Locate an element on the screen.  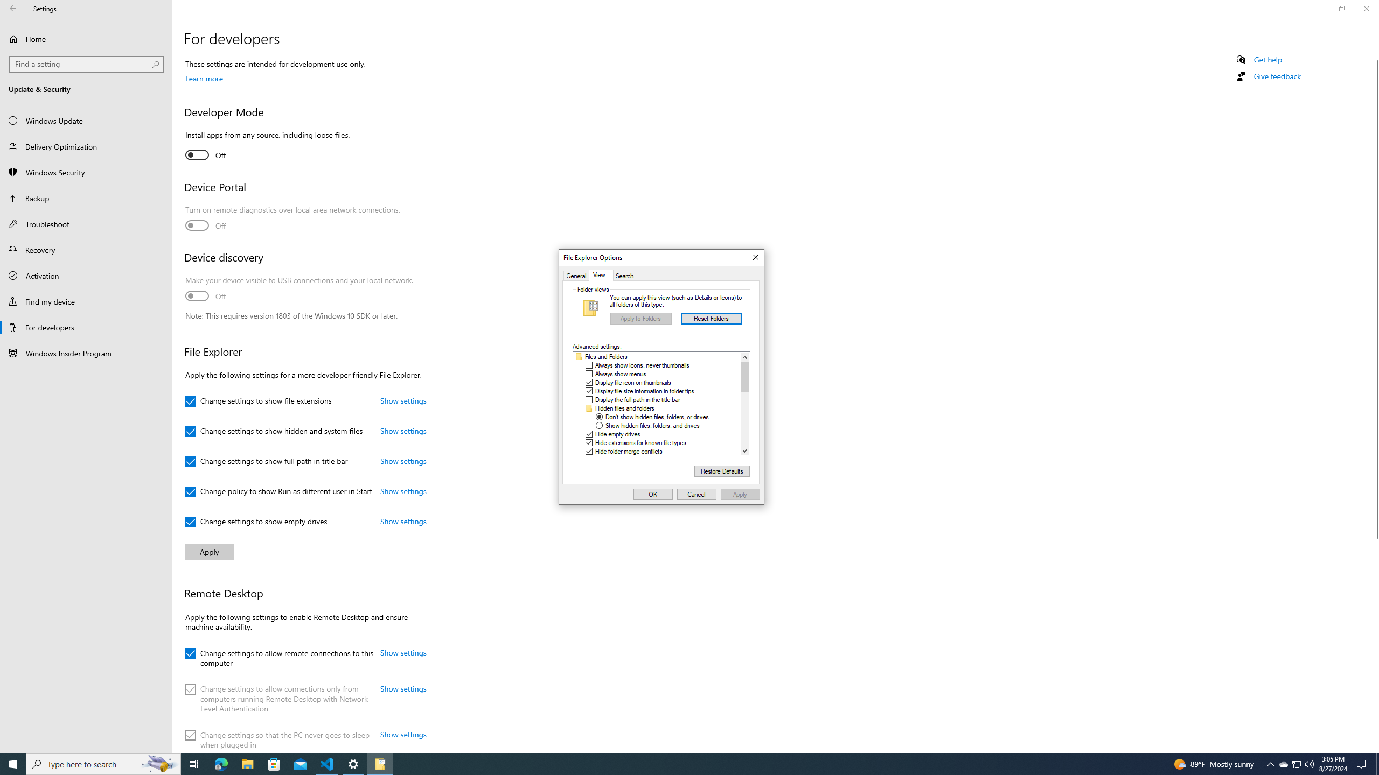
'Files and Folders' is located at coordinates (606, 356).